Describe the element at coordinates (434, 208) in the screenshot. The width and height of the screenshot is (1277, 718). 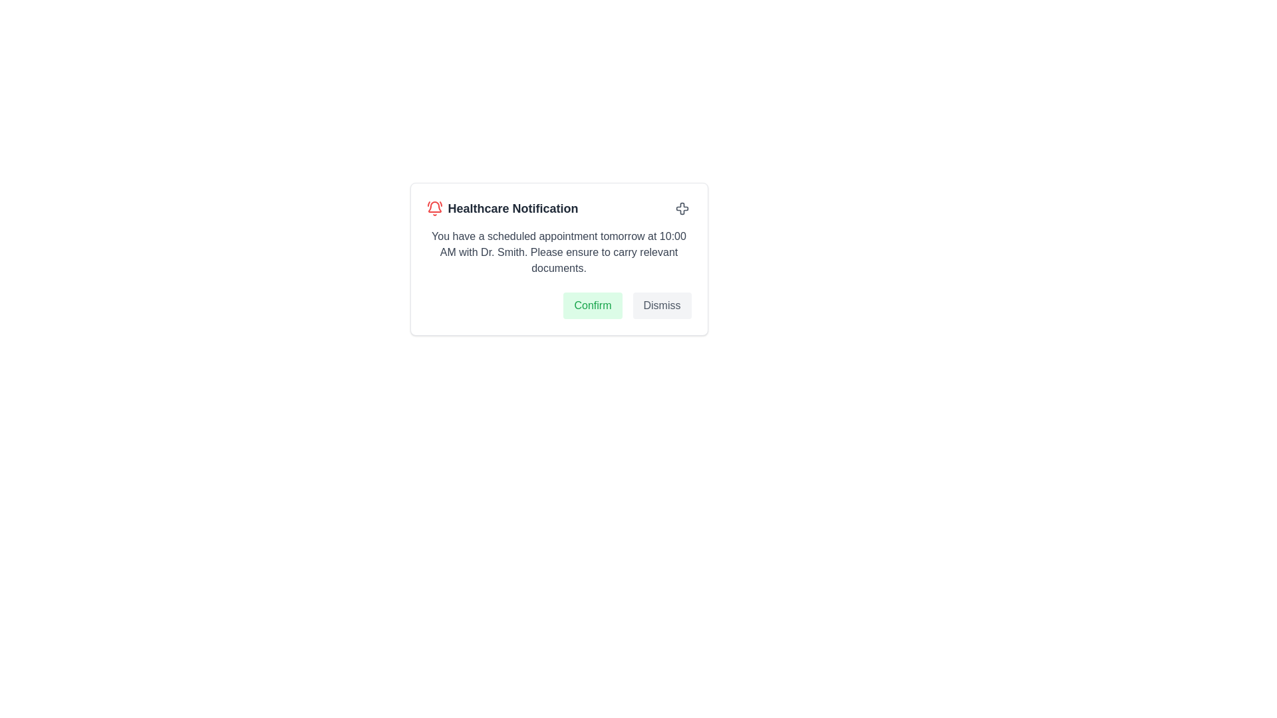
I see `the alert notification icon located to the left of the 'Healthcare Notification' text, which indicates the presence of an important message` at that location.